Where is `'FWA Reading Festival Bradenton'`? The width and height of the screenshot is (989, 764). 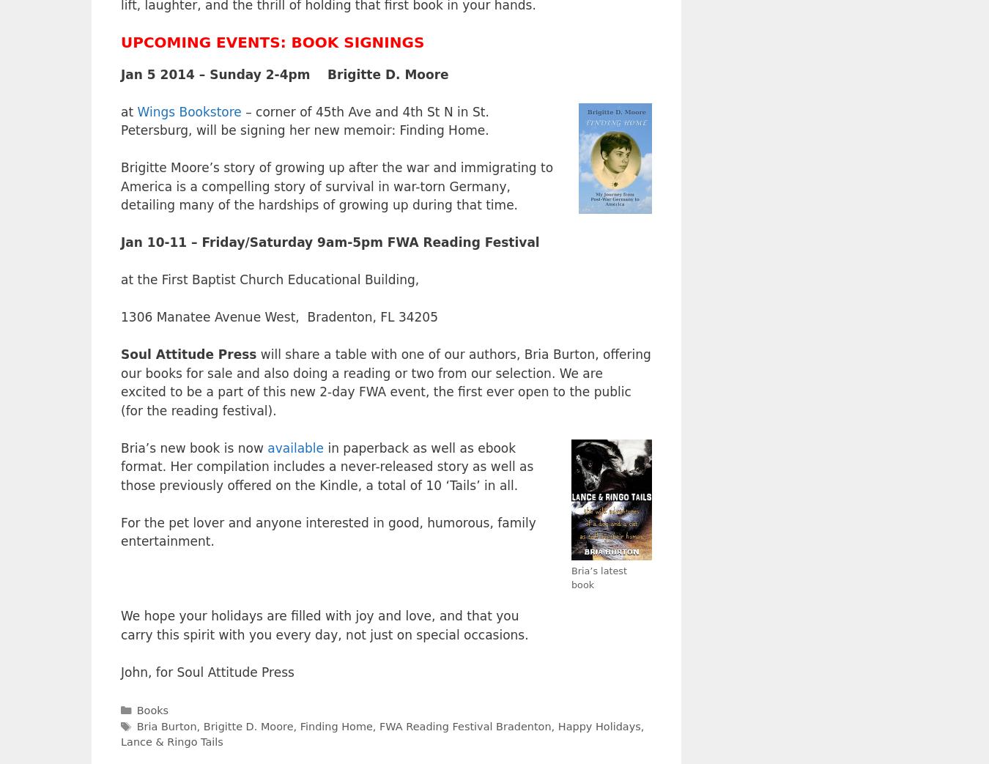 'FWA Reading Festival Bradenton' is located at coordinates (378, 725).